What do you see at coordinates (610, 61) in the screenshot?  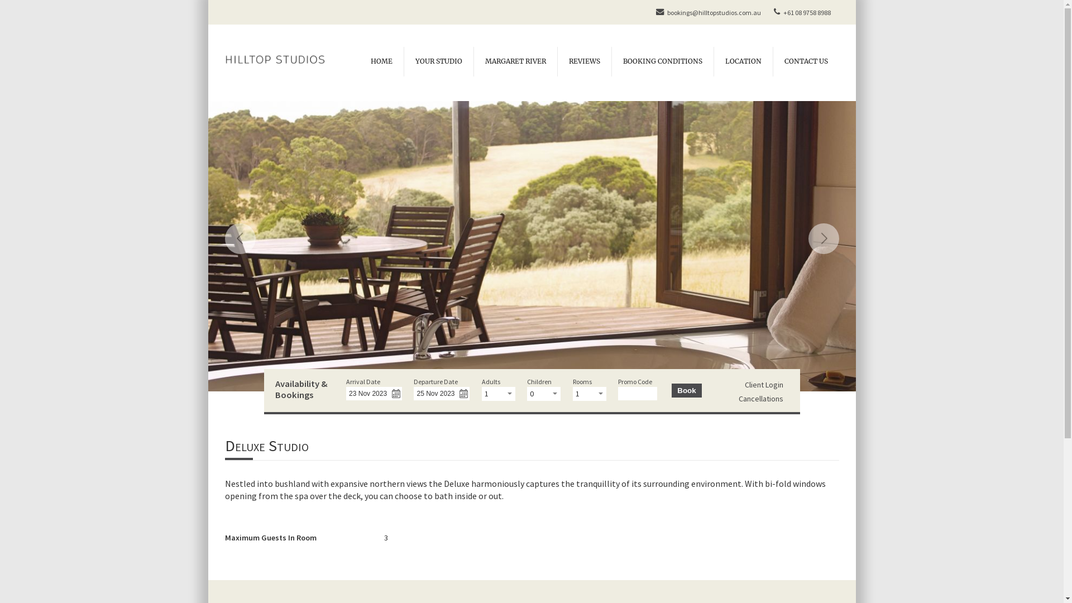 I see `'BOOKING CONDITIONS'` at bounding box center [610, 61].